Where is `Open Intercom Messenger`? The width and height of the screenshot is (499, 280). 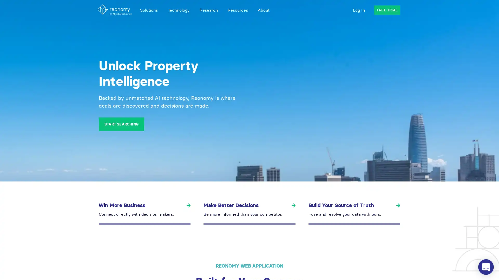 Open Intercom Messenger is located at coordinates (486, 267).